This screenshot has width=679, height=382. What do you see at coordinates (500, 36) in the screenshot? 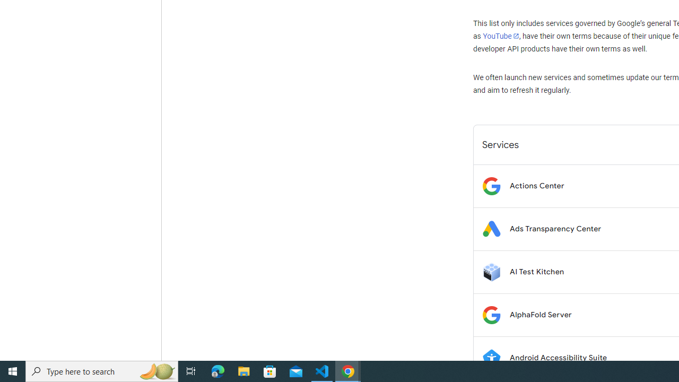
I see `'YouTube'` at bounding box center [500, 36].